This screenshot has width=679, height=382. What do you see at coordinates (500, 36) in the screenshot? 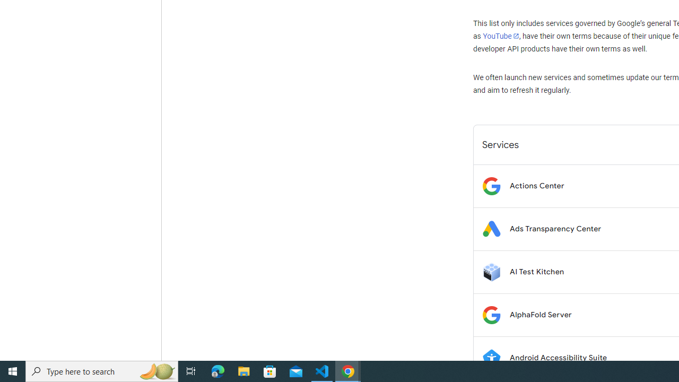
I see `'YouTube'` at bounding box center [500, 36].